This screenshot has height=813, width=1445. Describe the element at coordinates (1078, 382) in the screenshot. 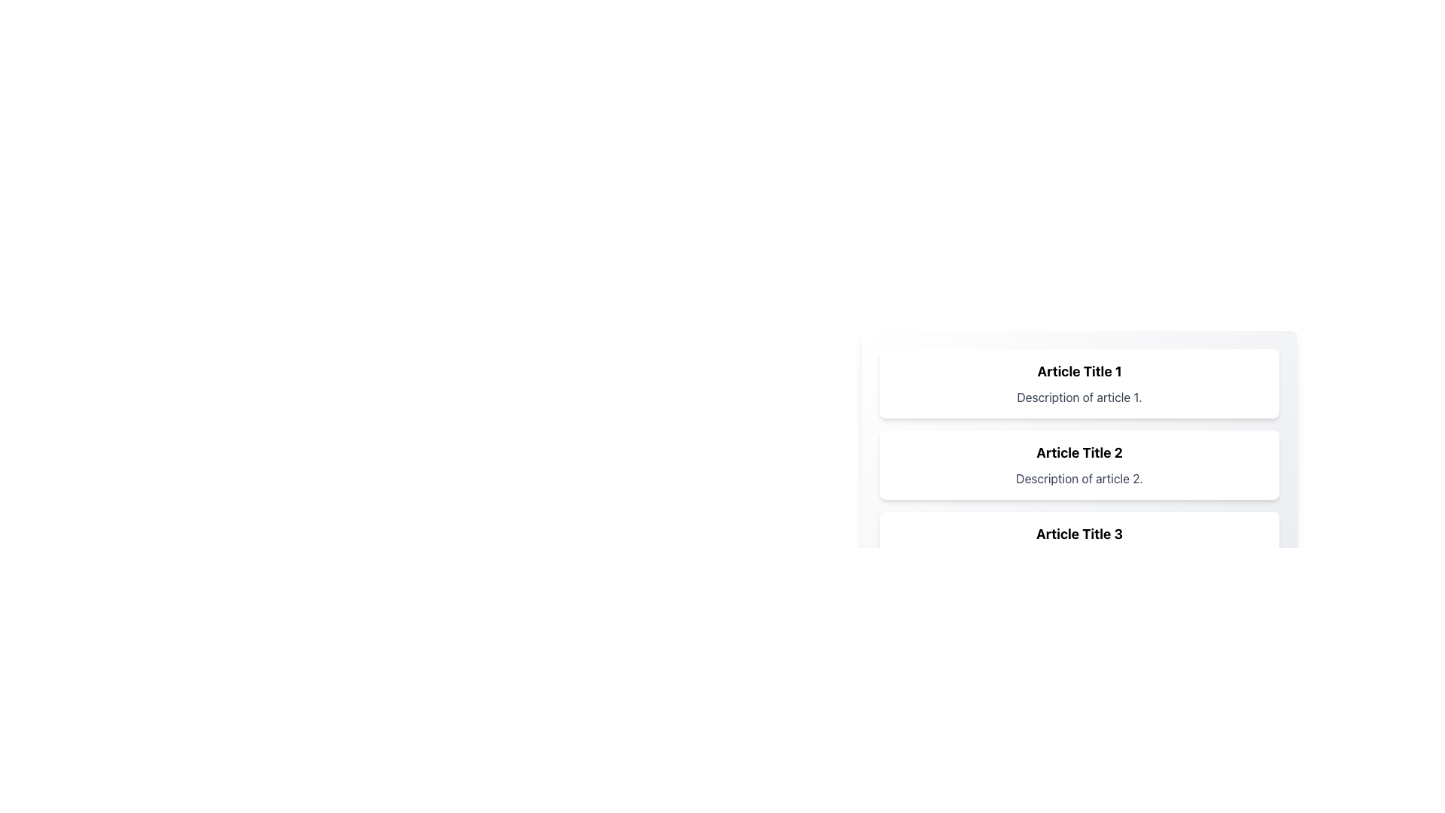

I see `the first card in the vertically-stacked grid layout, which has a white background, rounded corners, and contains the title 'Article Title 1' in bold, black font` at that location.